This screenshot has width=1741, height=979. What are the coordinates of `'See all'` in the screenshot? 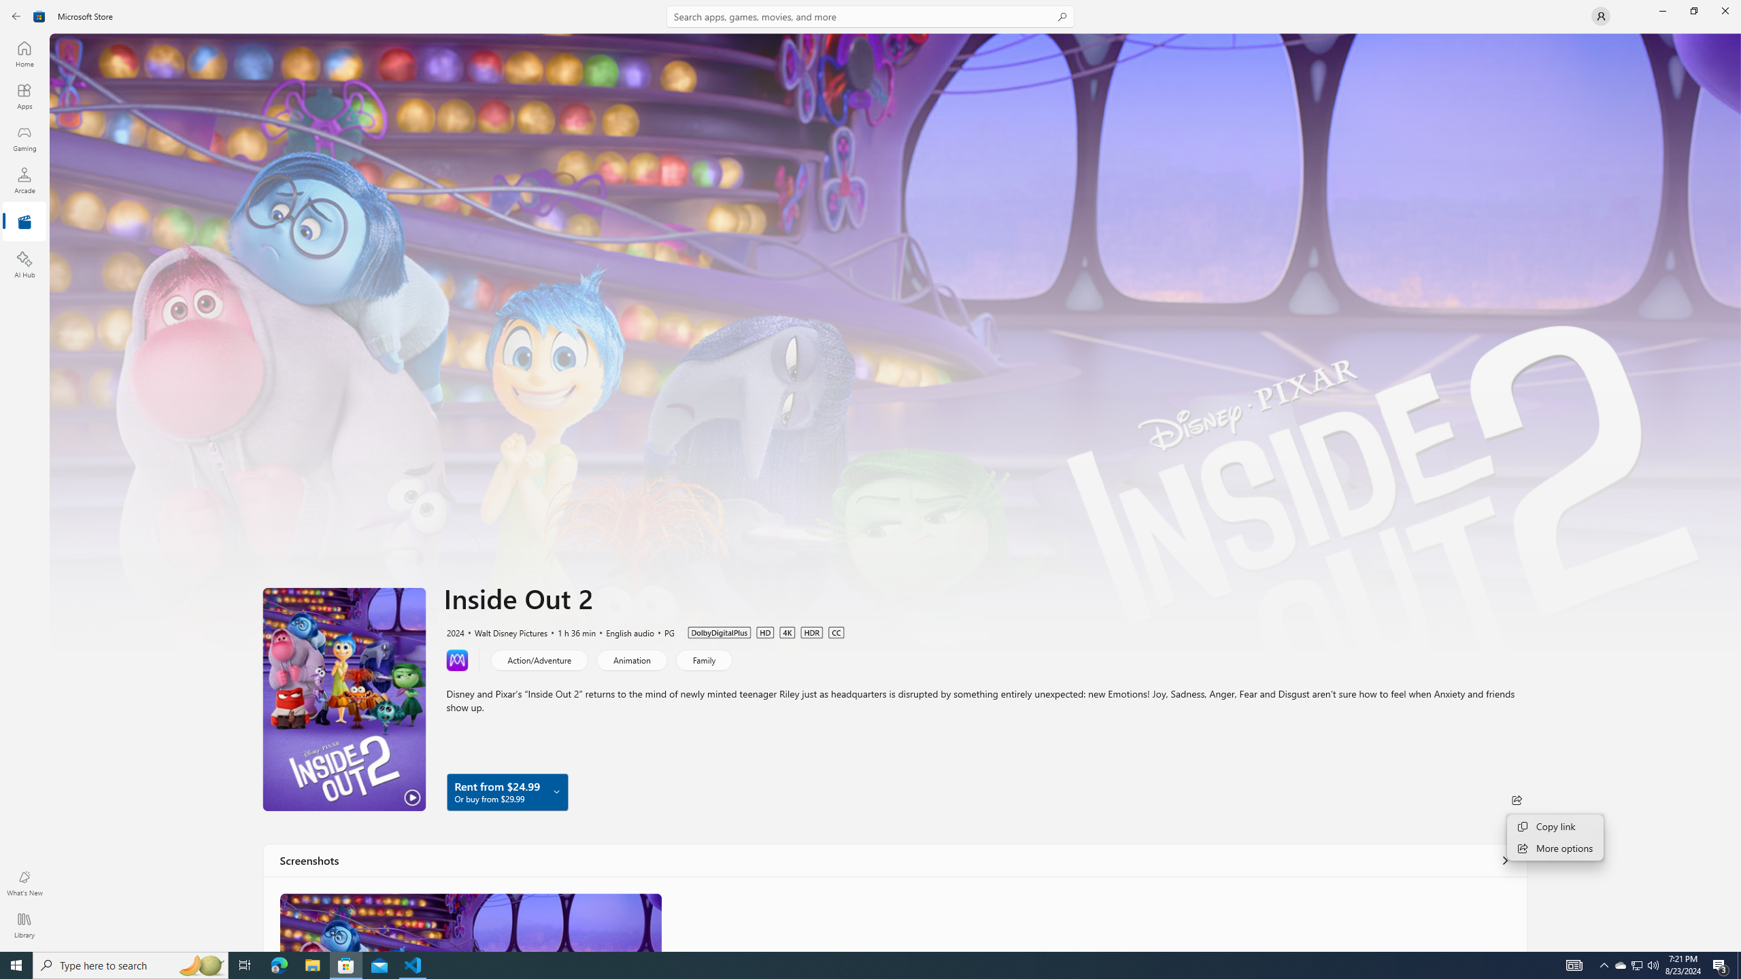 It's located at (1505, 859).